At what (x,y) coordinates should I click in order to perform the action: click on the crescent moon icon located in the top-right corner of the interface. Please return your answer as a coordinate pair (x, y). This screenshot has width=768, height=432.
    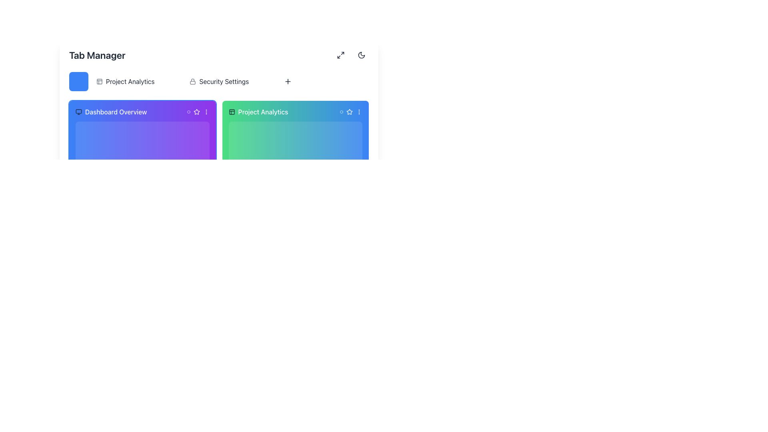
    Looking at the image, I should click on (361, 55).